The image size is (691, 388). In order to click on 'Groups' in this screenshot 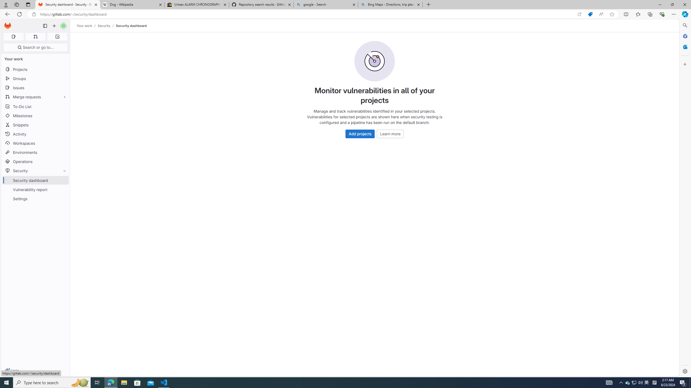, I will do `click(35, 78)`.